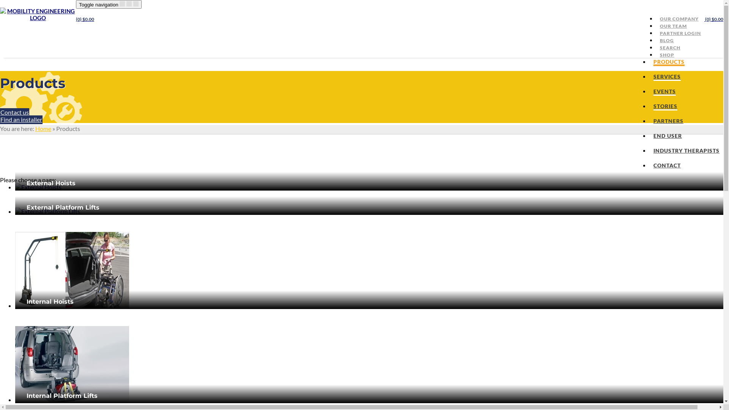 This screenshot has width=729, height=410. I want to click on 'STORIES', so click(665, 107).